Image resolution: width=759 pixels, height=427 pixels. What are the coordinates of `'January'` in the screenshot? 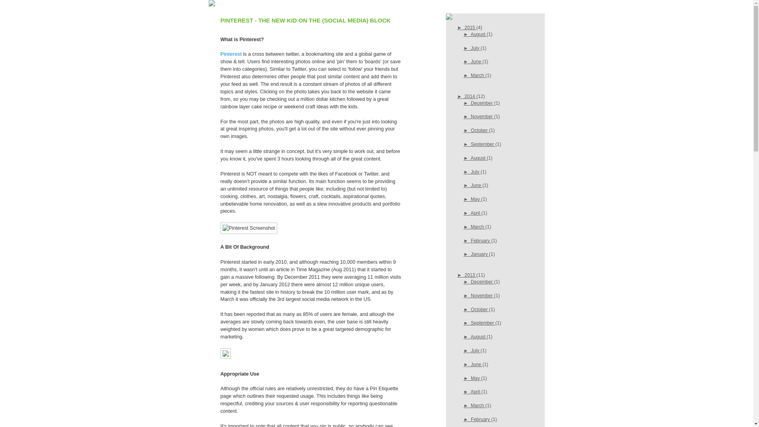 It's located at (470, 254).